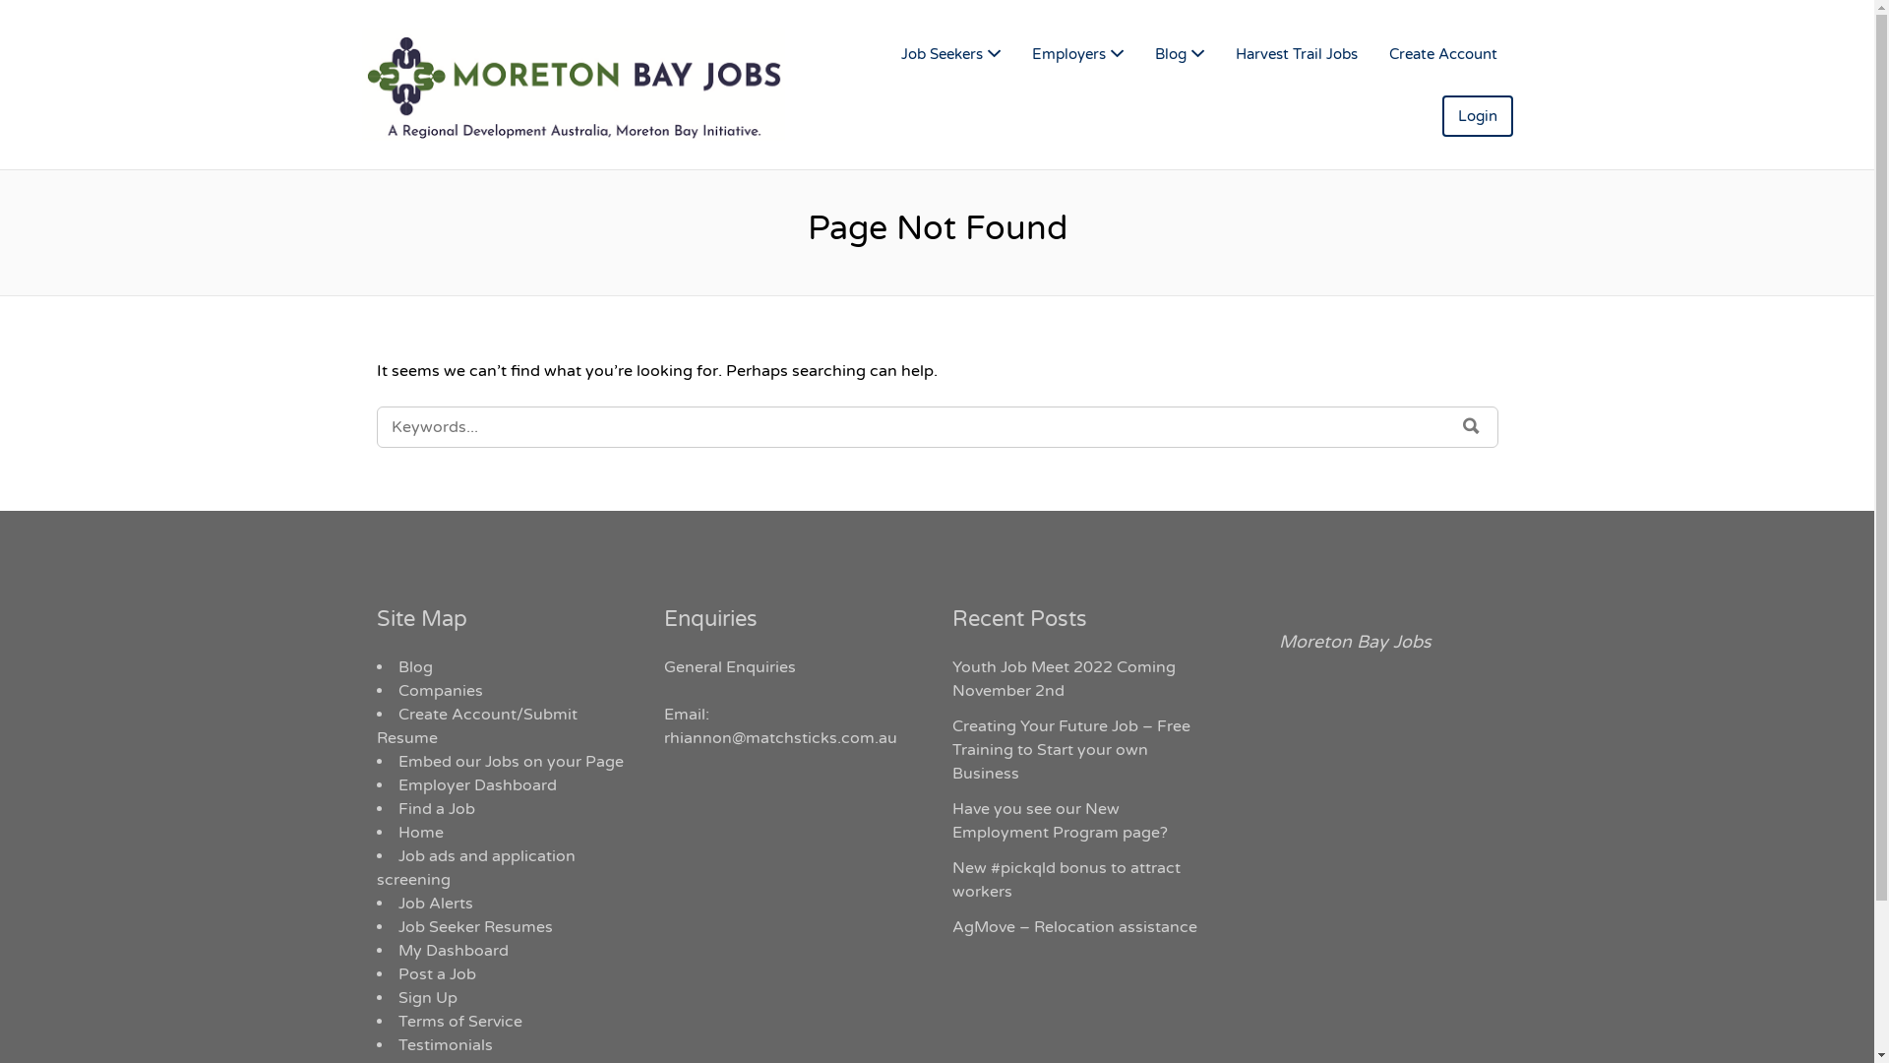 The height and width of the screenshot is (1063, 1889). What do you see at coordinates (1297, 53) in the screenshot?
I see `'Harvest Trail Jobs'` at bounding box center [1297, 53].